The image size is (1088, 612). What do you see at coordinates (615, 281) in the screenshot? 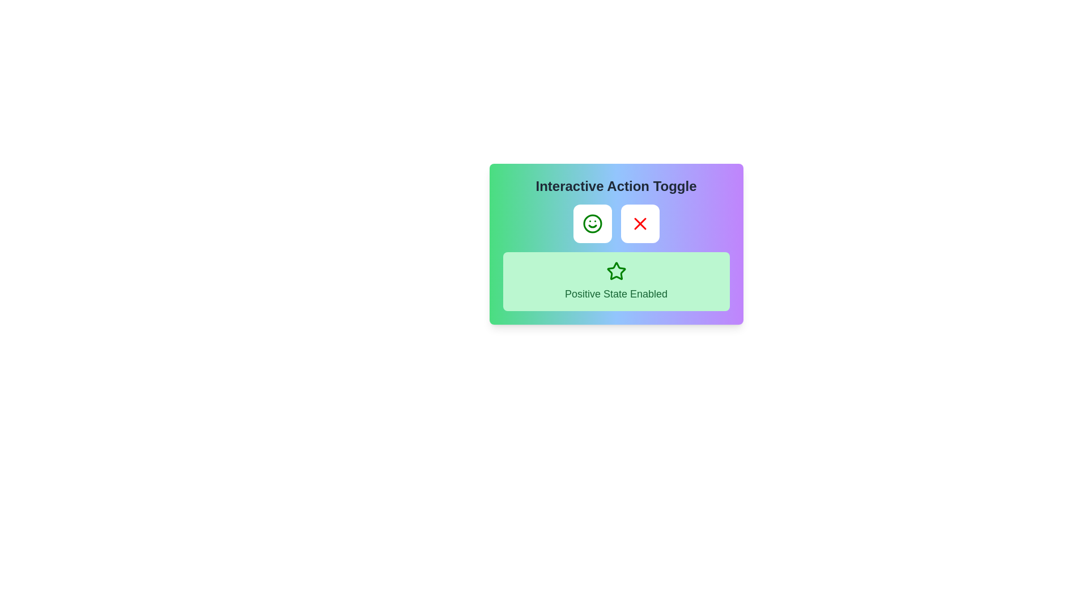
I see `the Informational Label, which features a green background, rounded corners, and the text 'Positive State Enabled' with a star icon above it` at bounding box center [615, 281].